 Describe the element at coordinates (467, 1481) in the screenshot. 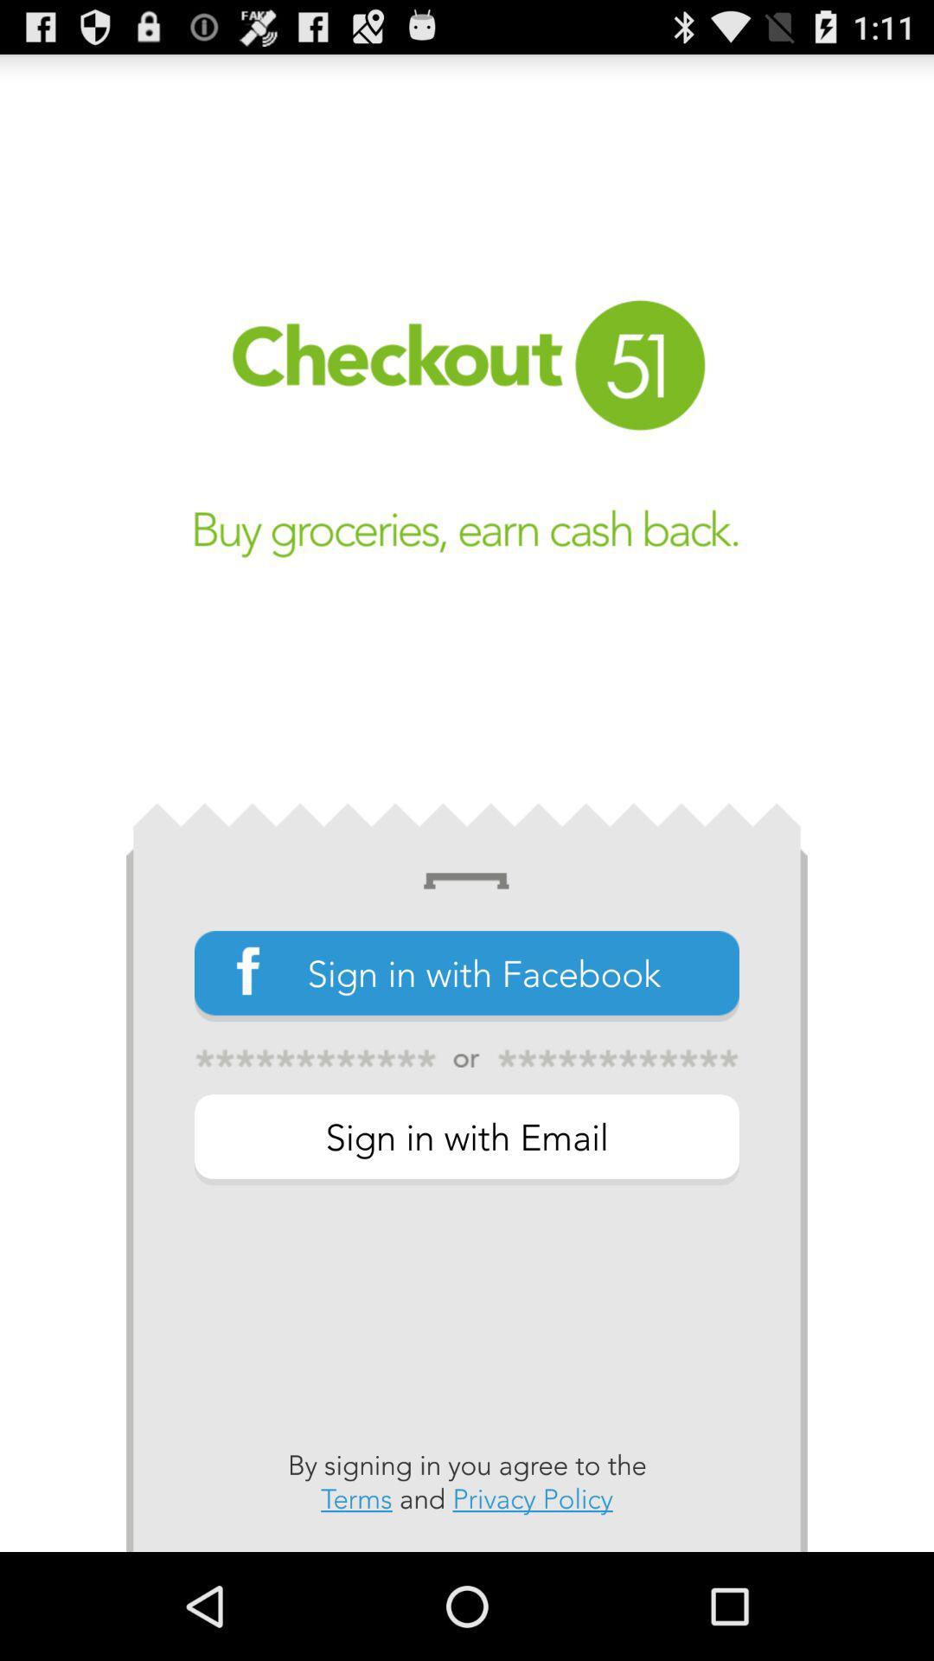

I see `by signing in item` at that location.